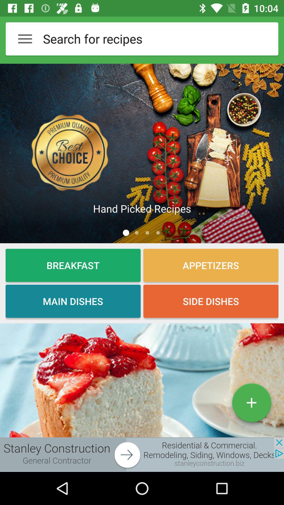 The image size is (284, 505). What do you see at coordinates (251, 405) in the screenshot?
I see `the add icon` at bounding box center [251, 405].